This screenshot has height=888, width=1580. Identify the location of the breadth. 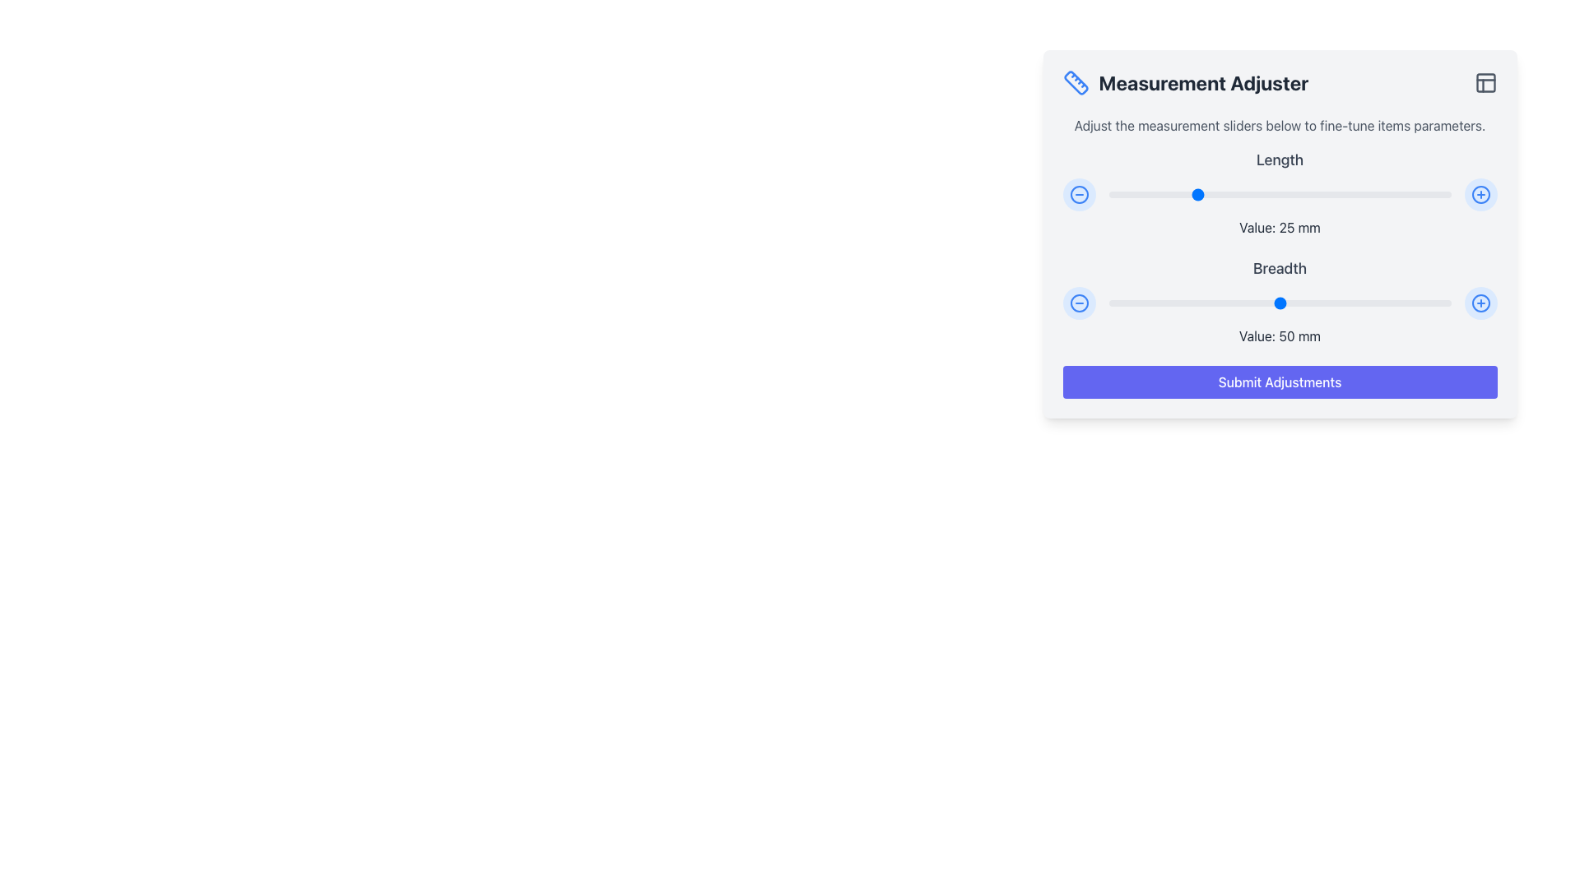
(1440, 303).